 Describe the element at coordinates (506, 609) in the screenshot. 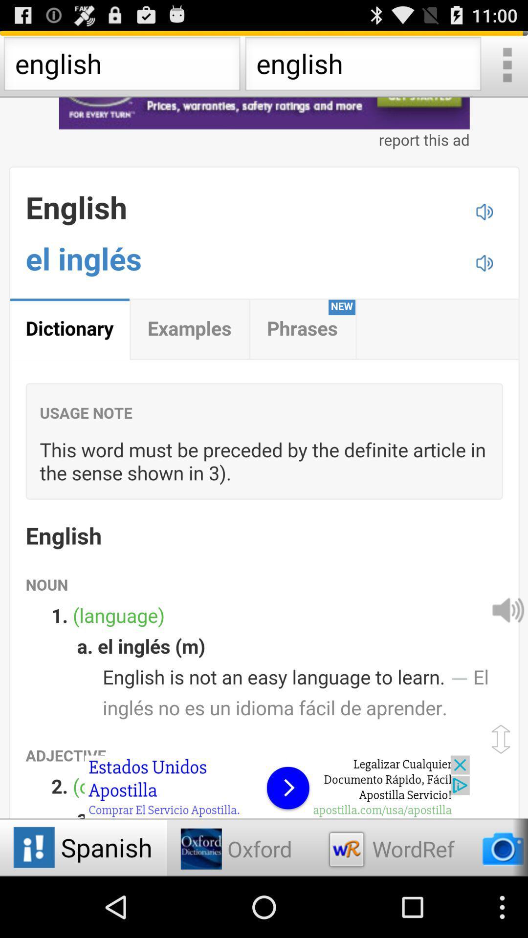

I see `sound` at that location.